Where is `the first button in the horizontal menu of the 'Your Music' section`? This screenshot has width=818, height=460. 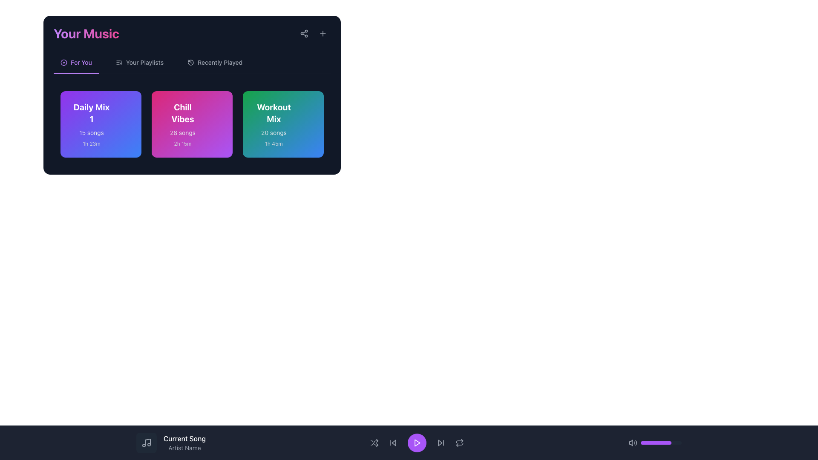
the first button in the horizontal menu of the 'Your Music' section is located at coordinates (76, 65).